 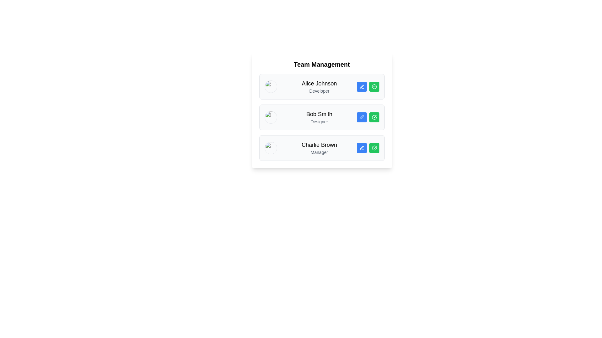 What do you see at coordinates (319, 148) in the screenshot?
I see `the text label that displays 'Charlie Brown' and 'Manager', which is part of the third card in the 'Team Management' section, located before the action buttons` at bounding box center [319, 148].